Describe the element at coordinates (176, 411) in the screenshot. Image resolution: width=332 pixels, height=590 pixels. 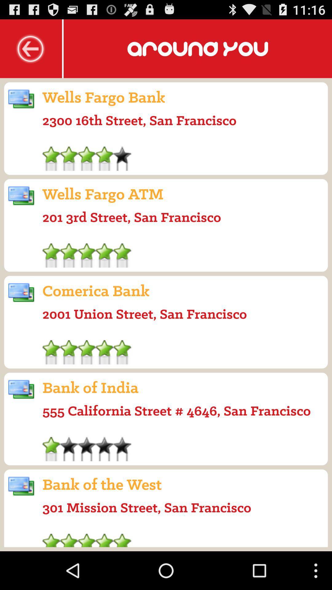
I see `item below bank of india icon` at that location.